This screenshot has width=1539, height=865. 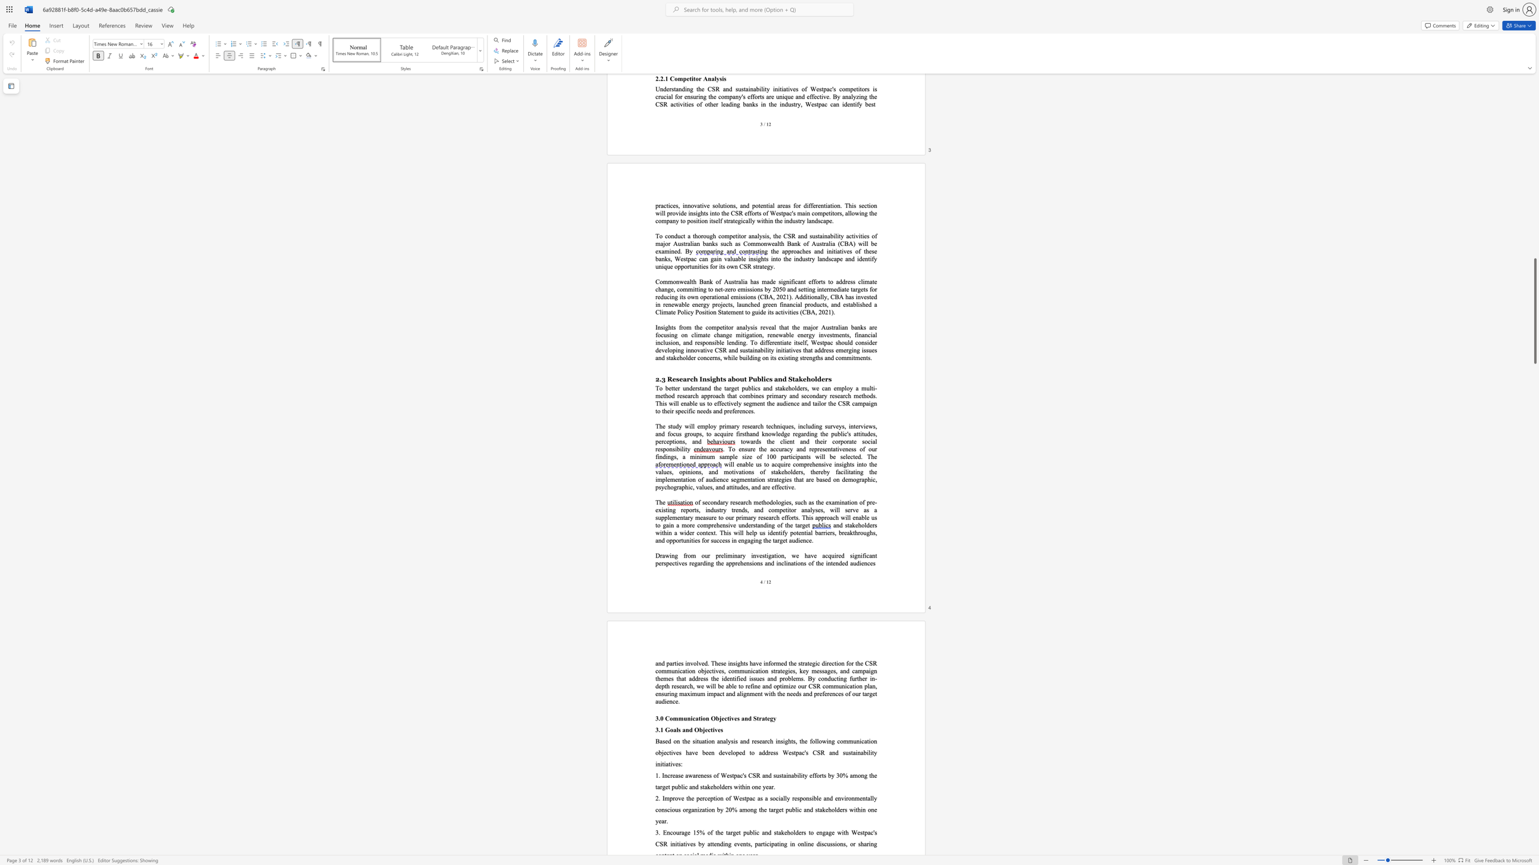 What do you see at coordinates (819, 532) in the screenshot?
I see `the 2th character "a" in the text` at bounding box center [819, 532].